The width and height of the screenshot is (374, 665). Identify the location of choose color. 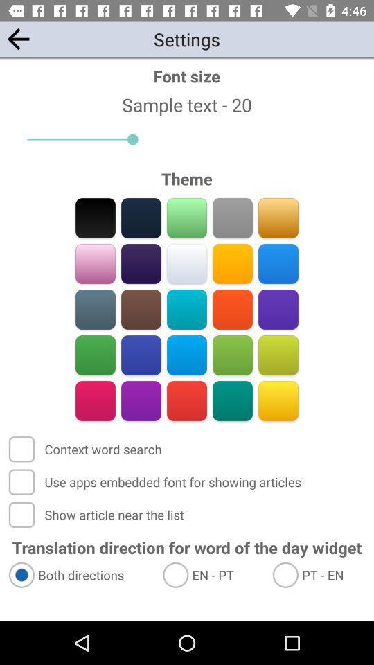
(232, 309).